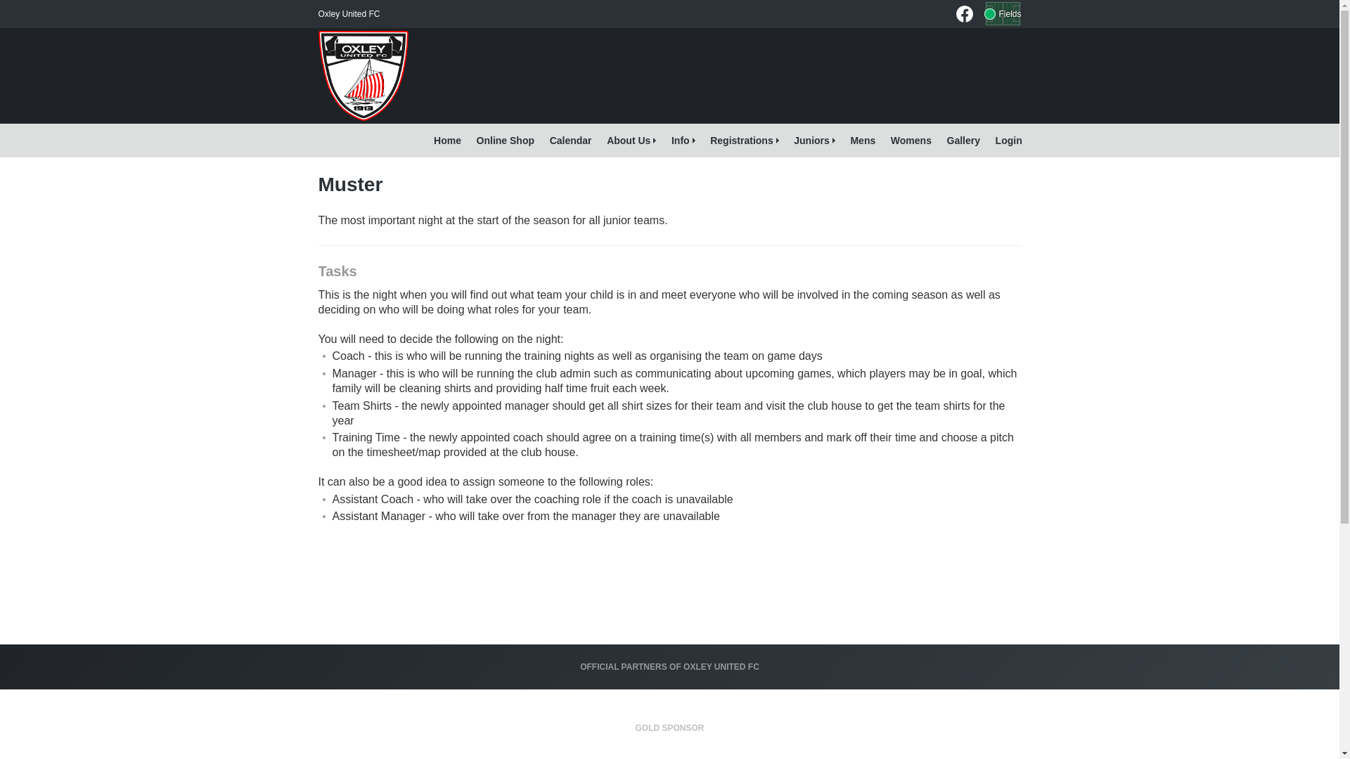 The height and width of the screenshot is (759, 1350). I want to click on 'Calendar', so click(570, 141).